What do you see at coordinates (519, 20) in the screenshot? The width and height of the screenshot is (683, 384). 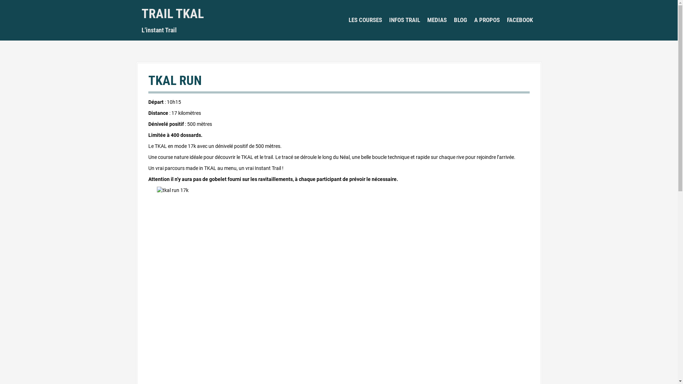 I see `'FACEBOOK'` at bounding box center [519, 20].